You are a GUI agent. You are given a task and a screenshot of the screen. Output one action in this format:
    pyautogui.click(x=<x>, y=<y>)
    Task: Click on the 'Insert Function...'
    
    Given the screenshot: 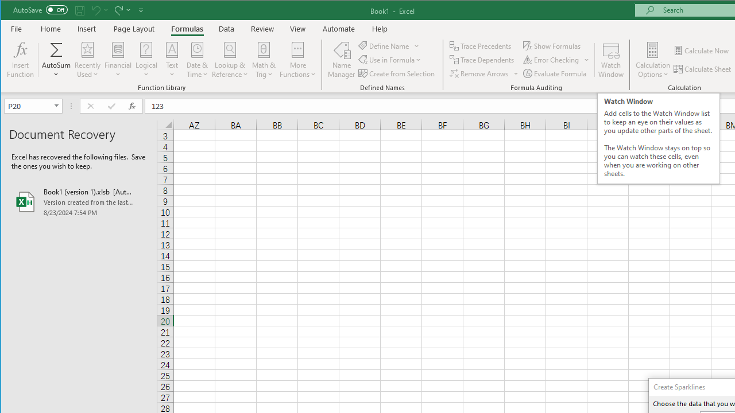 What is the action you would take?
    pyautogui.click(x=20, y=60)
    